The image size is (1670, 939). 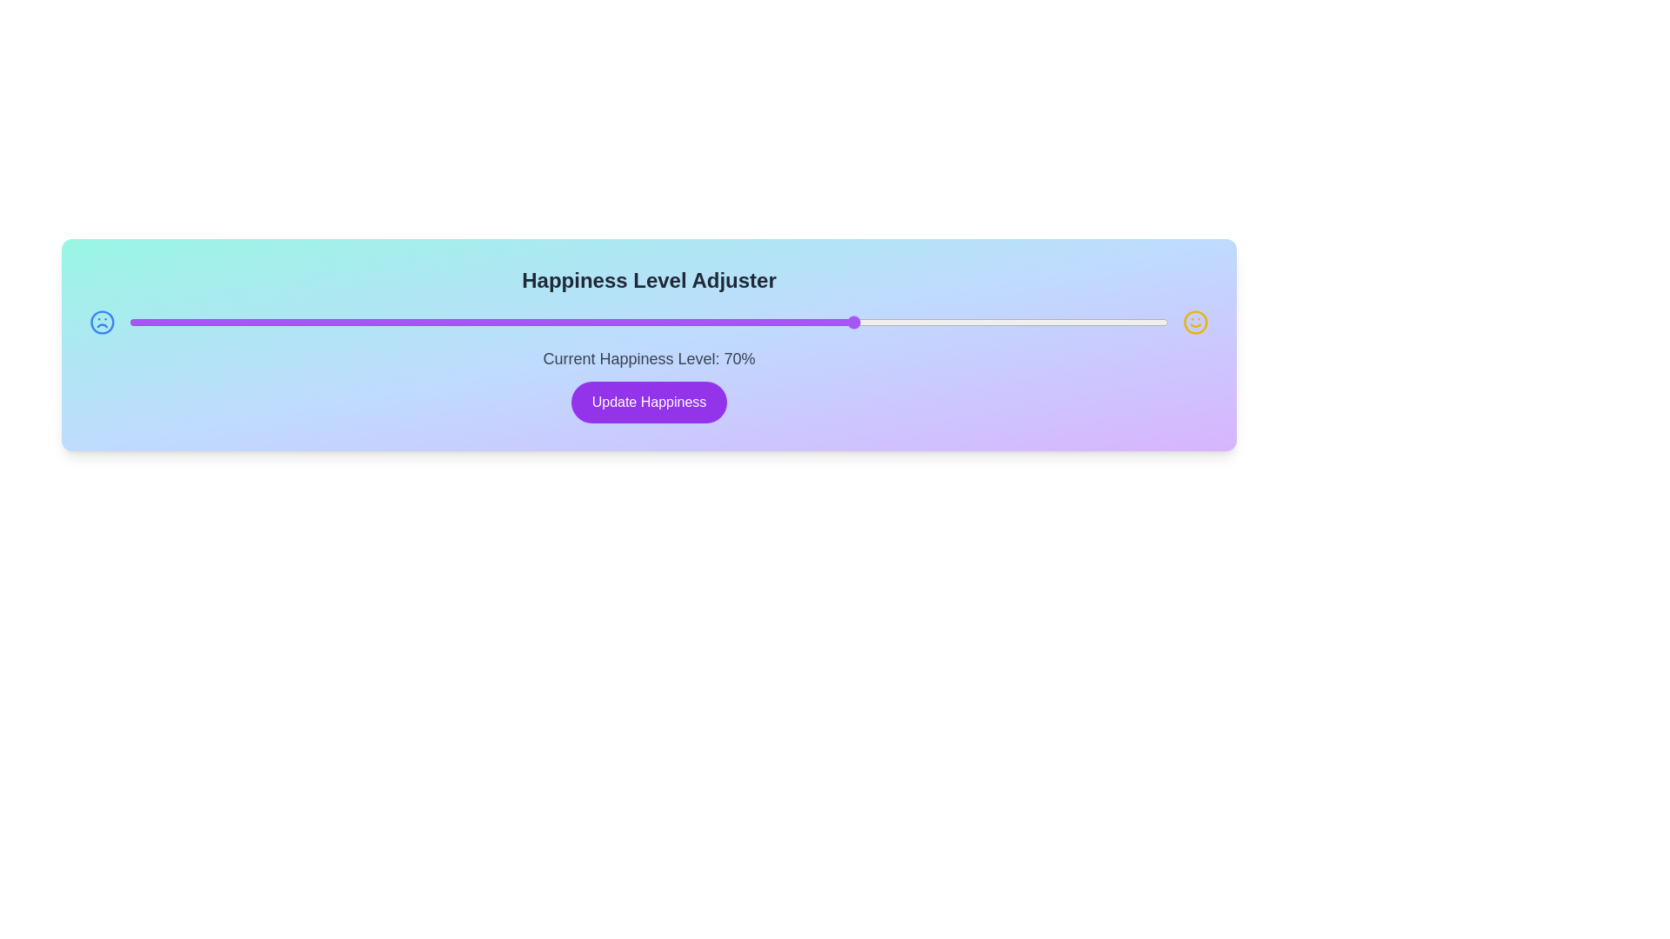 What do you see at coordinates (264, 322) in the screenshot?
I see `the happiness level to 13% by moving the slider` at bounding box center [264, 322].